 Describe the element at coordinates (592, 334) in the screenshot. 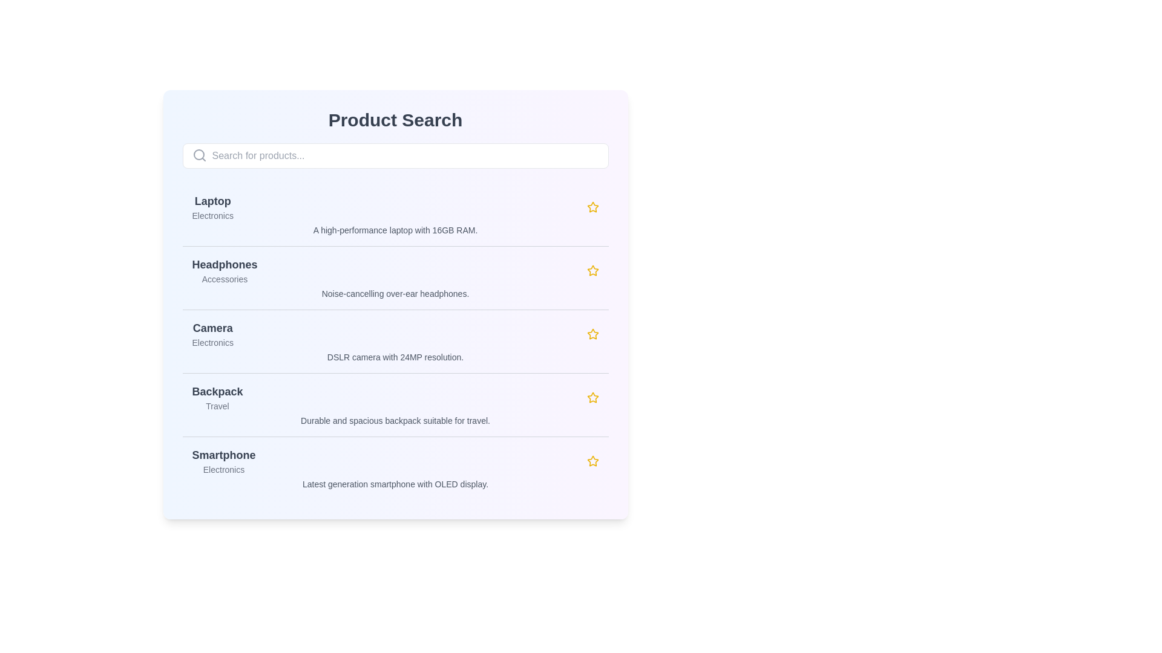

I see `the yellow star icon outlined in black, which resembles a rating star and is located to the right of the 'Camera' product listing` at that location.